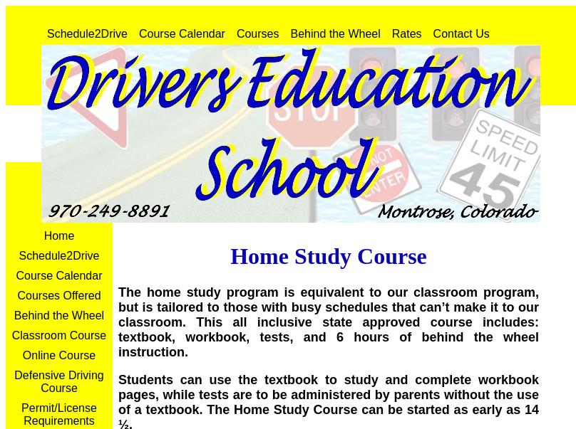  What do you see at coordinates (58, 413) in the screenshot?
I see `'Permit/License Requirements'` at bounding box center [58, 413].